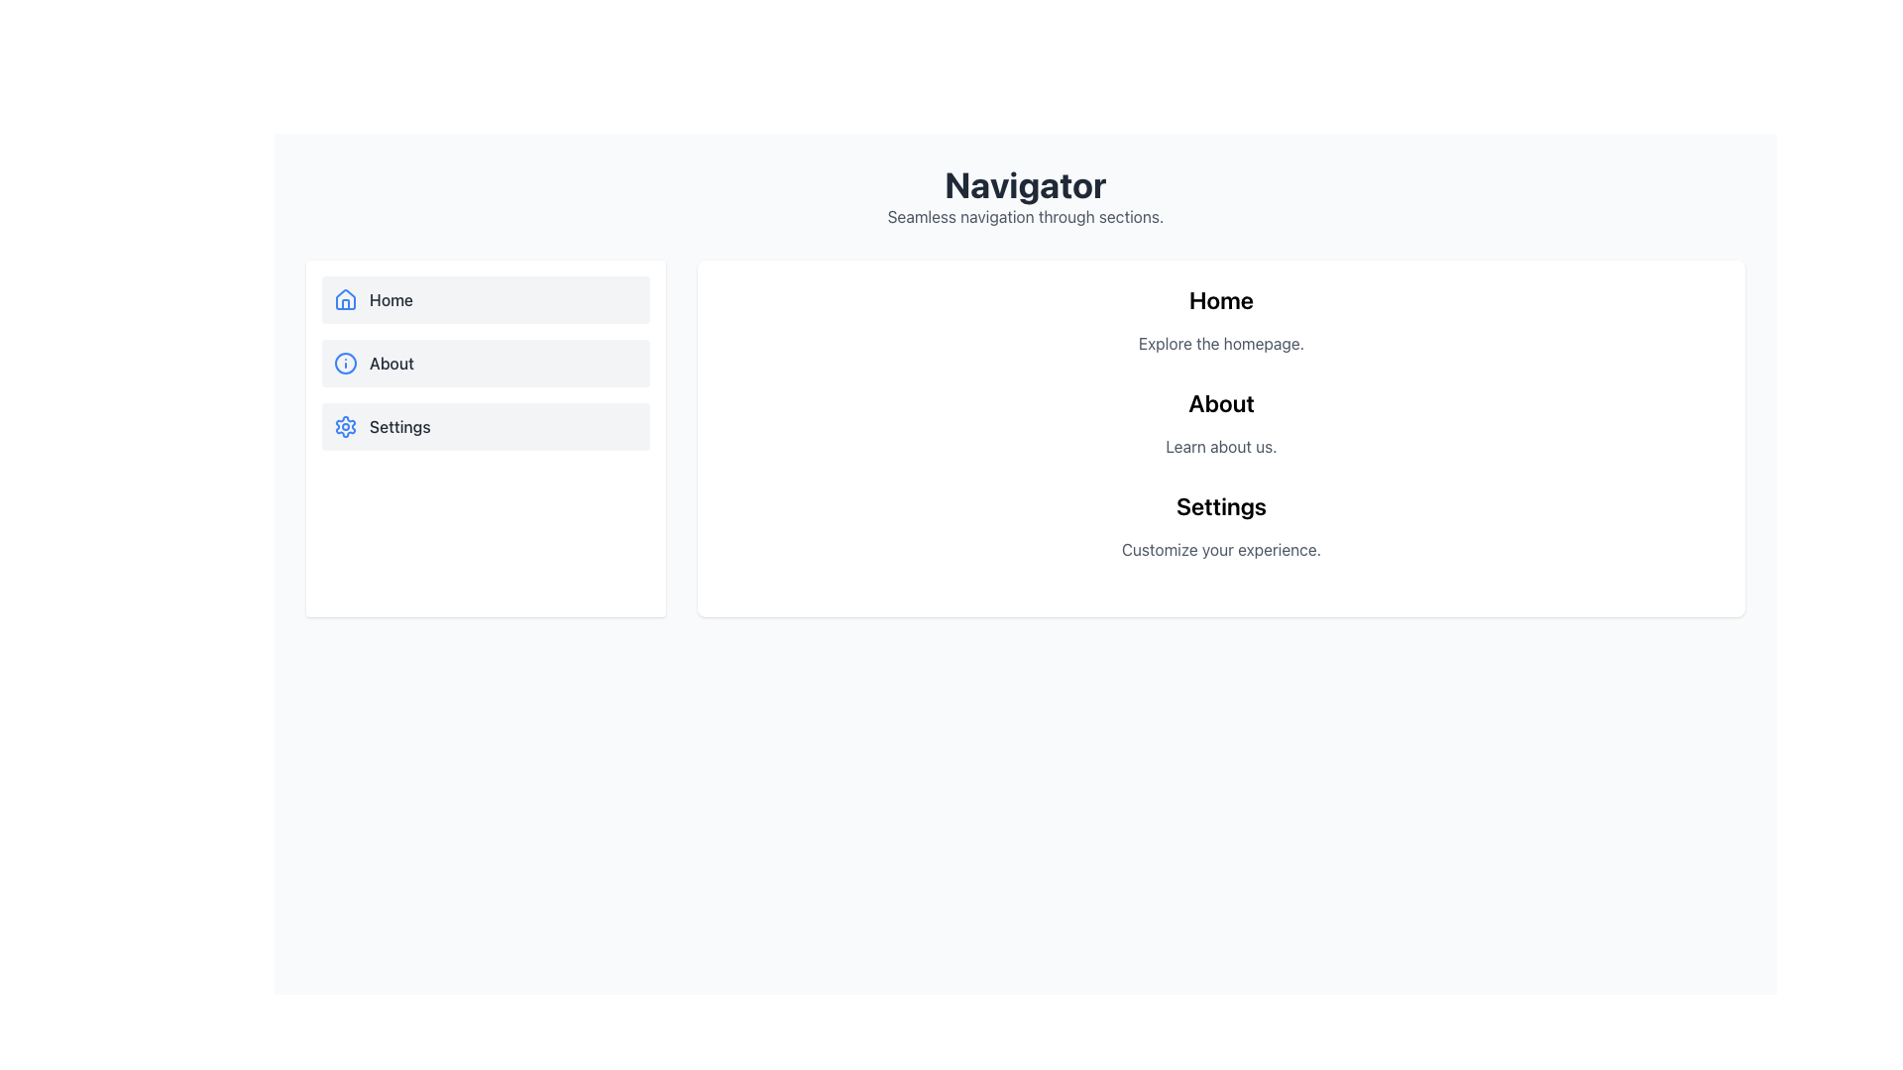 This screenshot has height=1070, width=1903. What do you see at coordinates (1220, 447) in the screenshot?
I see `the text element that reads 'Learn about us.' which is styled in gray and located in the 'About' section, below the heading 'About'` at bounding box center [1220, 447].